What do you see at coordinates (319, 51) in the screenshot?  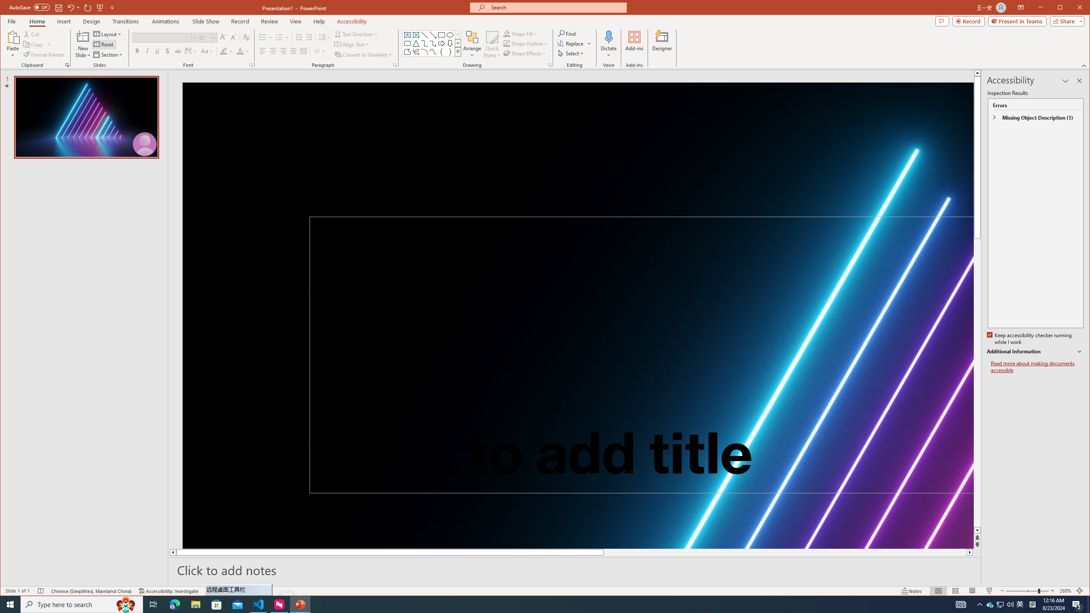 I see `'Columns'` at bounding box center [319, 51].